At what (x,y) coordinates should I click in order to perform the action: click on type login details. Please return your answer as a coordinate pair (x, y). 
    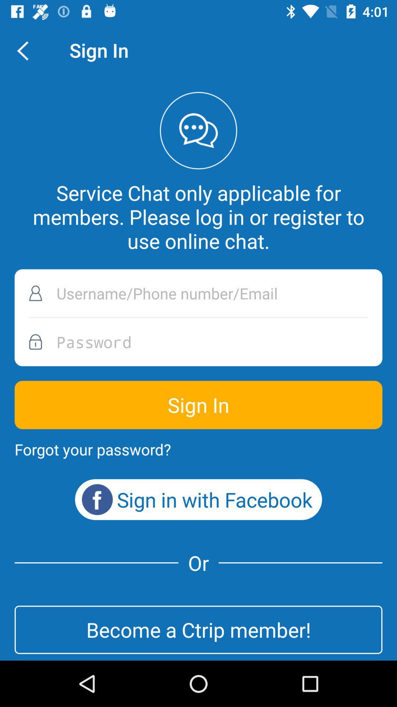
    Looking at the image, I should click on (198, 293).